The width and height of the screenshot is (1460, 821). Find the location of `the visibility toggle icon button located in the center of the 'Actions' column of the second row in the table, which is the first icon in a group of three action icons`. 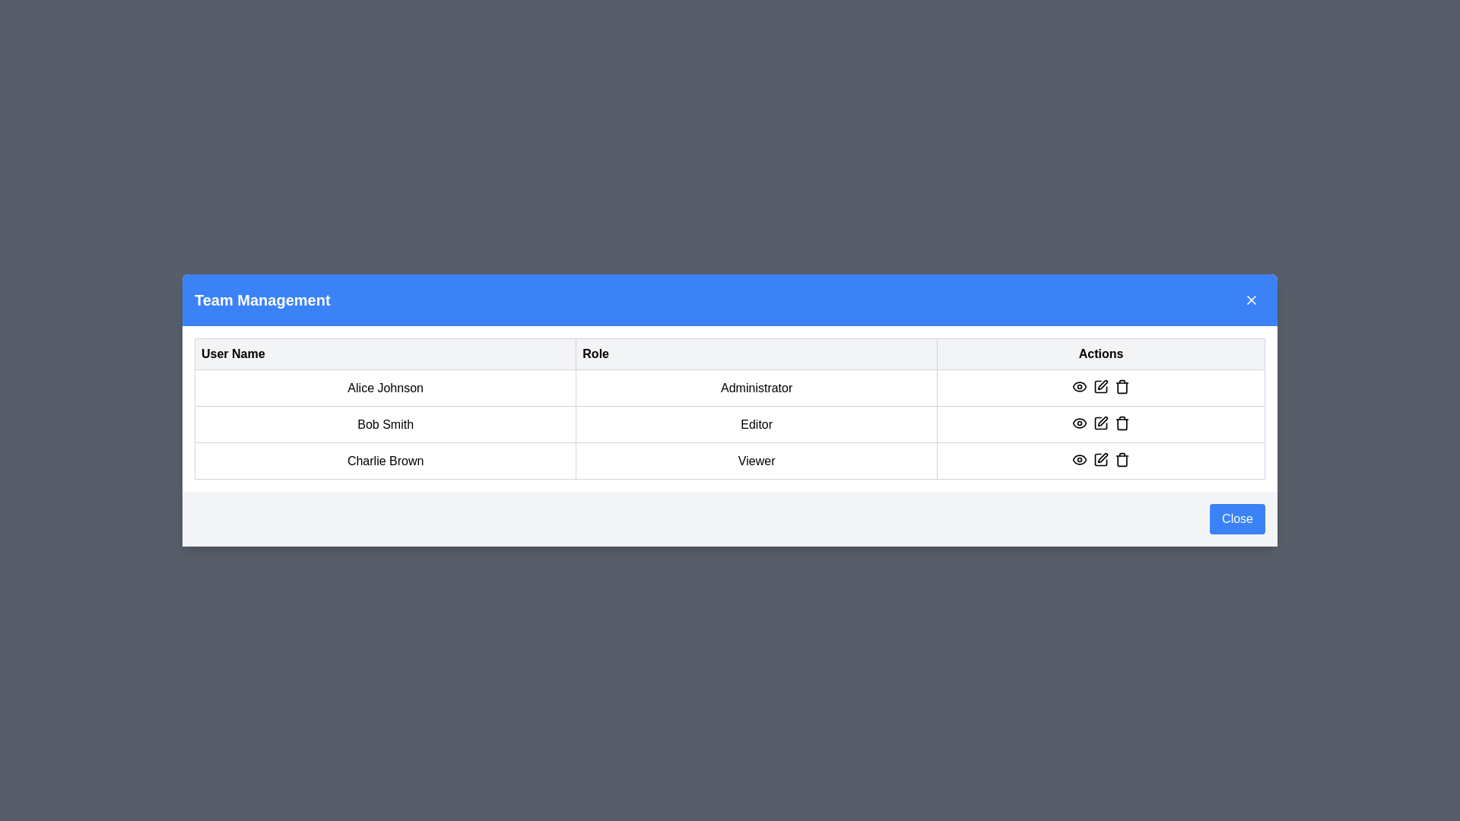

the visibility toggle icon button located in the center of the 'Actions' column of the second row in the table, which is the first icon in a group of three action icons is located at coordinates (1079, 423).